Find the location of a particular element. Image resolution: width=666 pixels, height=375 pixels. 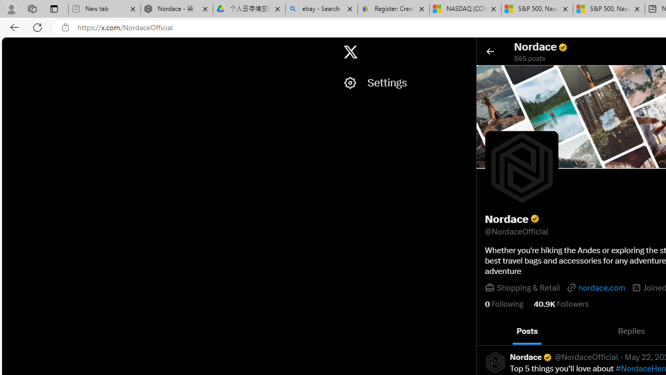

'Square profile picture and Opens profile photo' is located at coordinates (521, 167).